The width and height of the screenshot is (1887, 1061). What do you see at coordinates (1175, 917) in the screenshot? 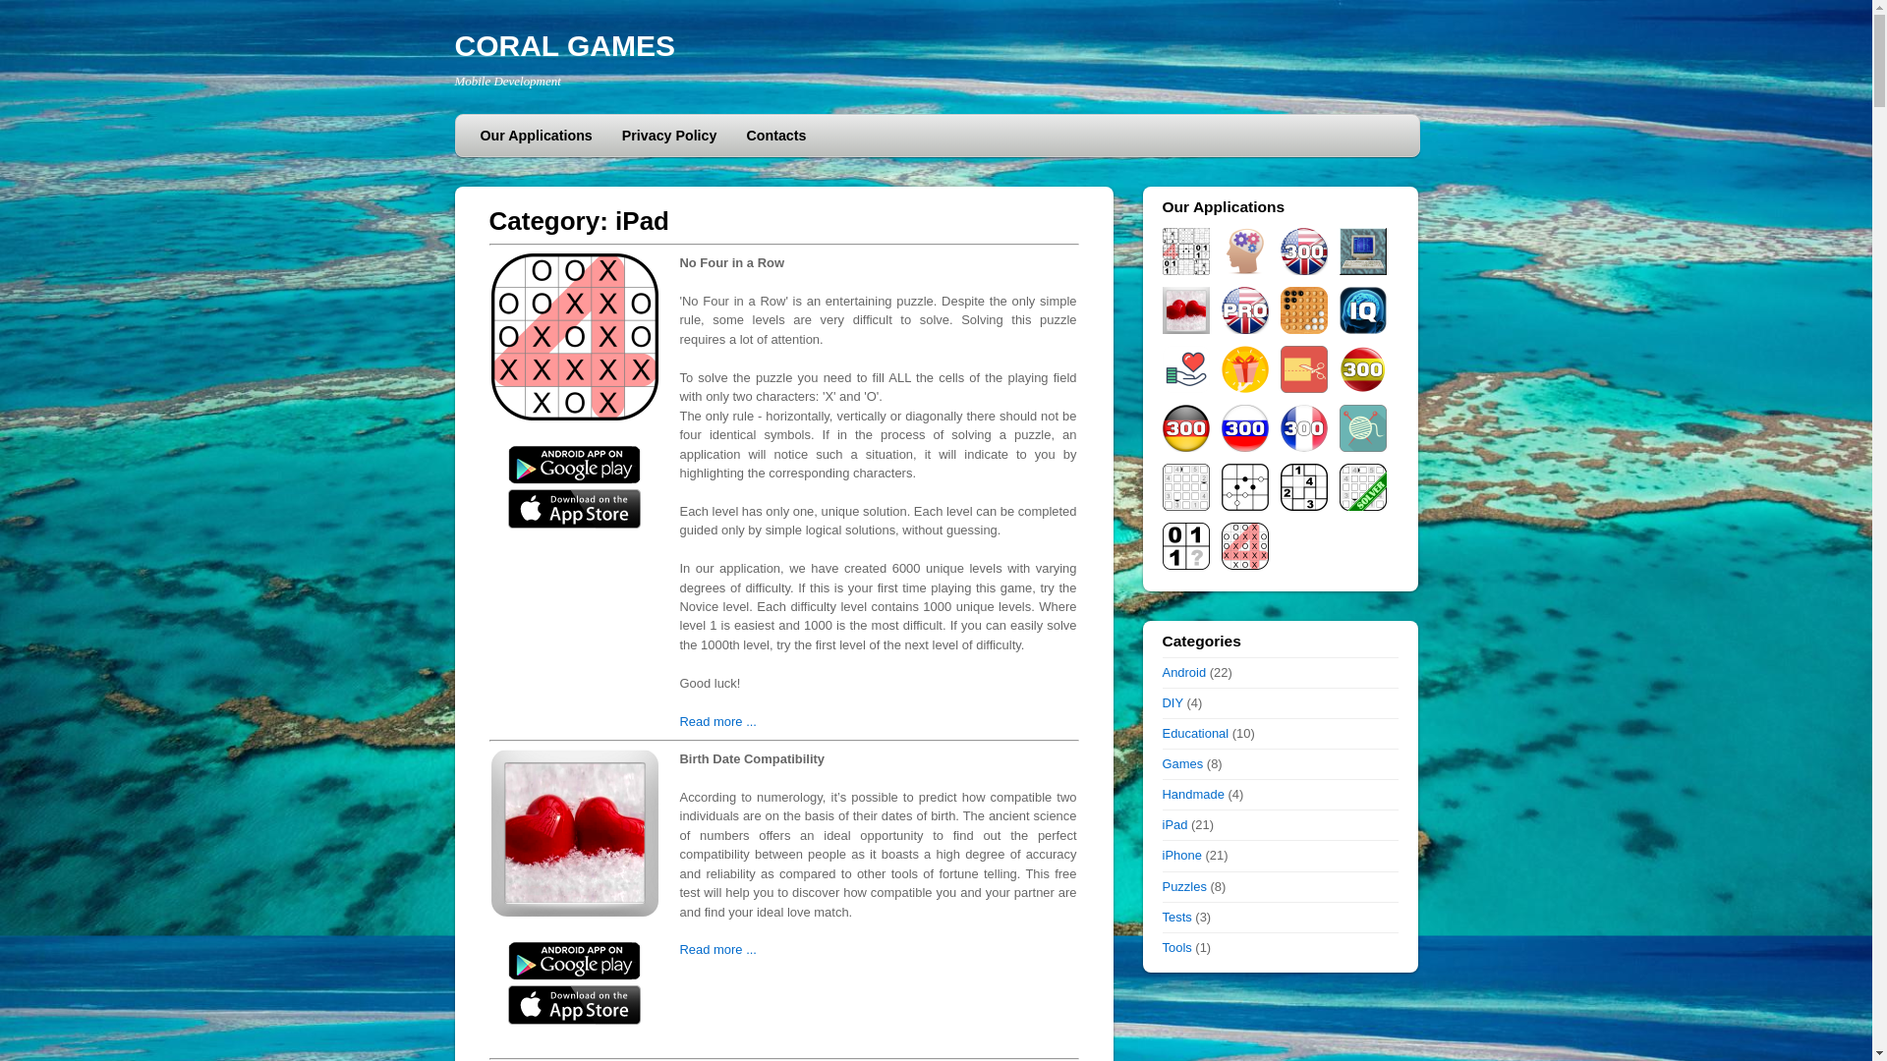
I see `'Tests'` at bounding box center [1175, 917].